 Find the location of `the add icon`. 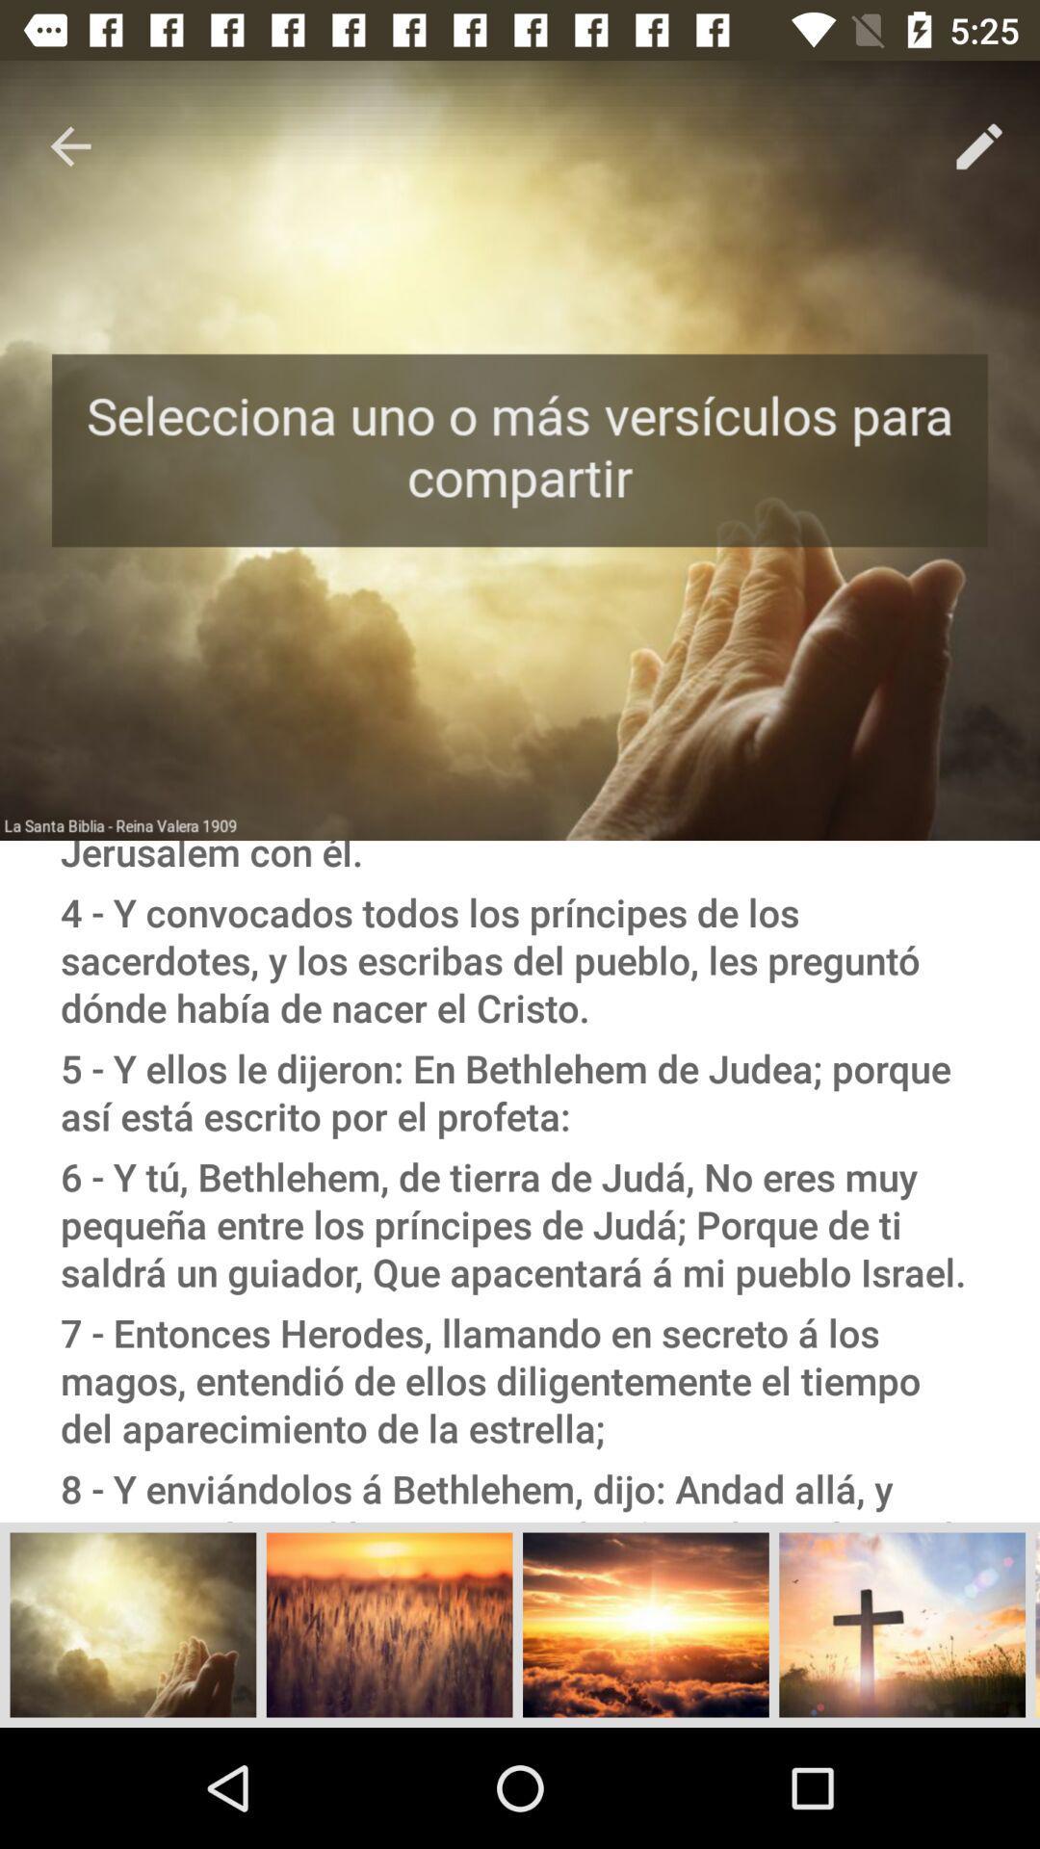

the add icon is located at coordinates (902, 1624).